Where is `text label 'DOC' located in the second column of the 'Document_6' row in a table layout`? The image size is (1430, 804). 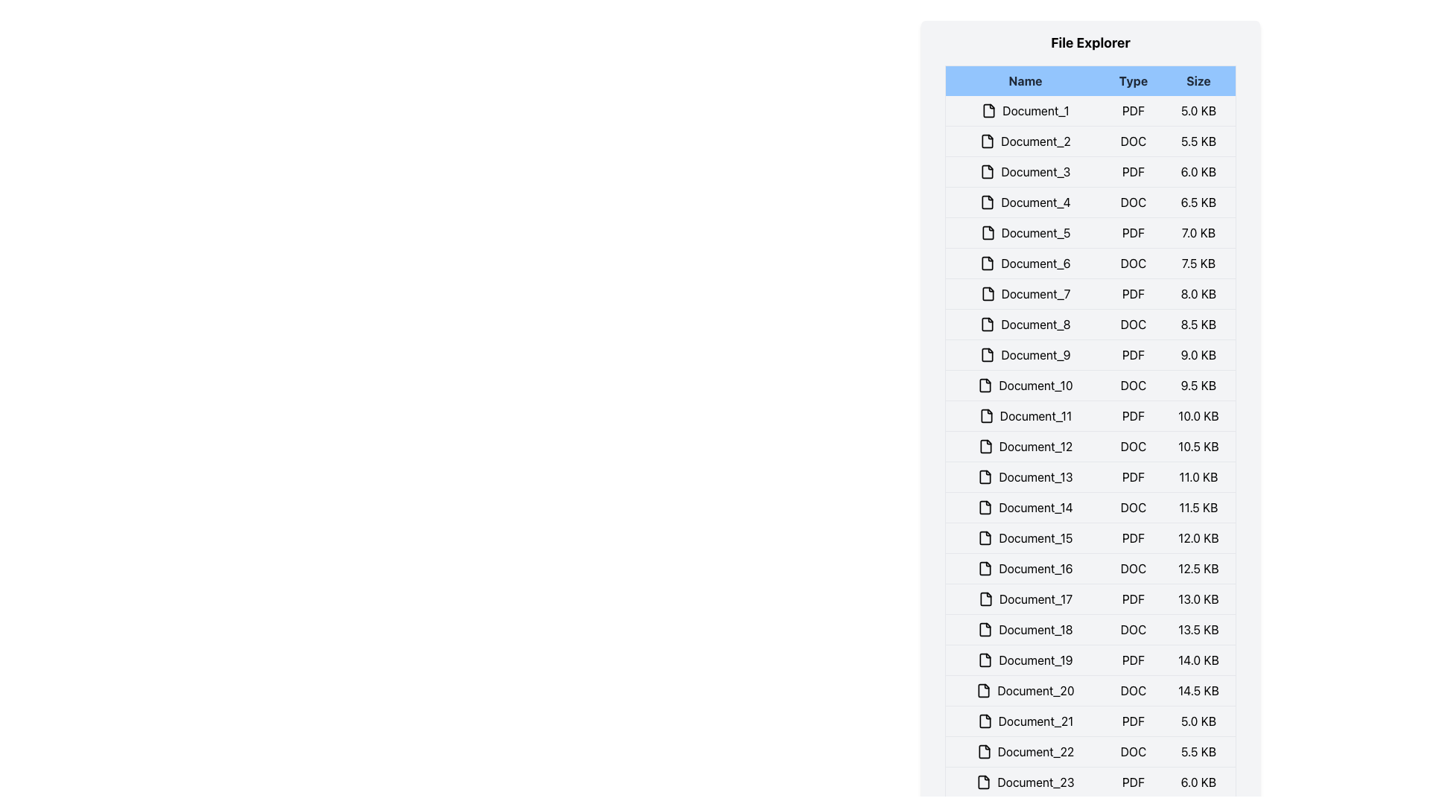 text label 'DOC' located in the second column of the 'Document_6' row in a table layout is located at coordinates (1132, 263).